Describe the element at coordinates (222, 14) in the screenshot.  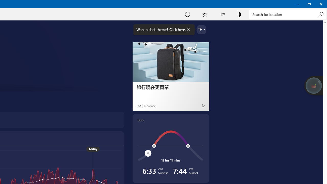
I see `'Pin'` at that location.